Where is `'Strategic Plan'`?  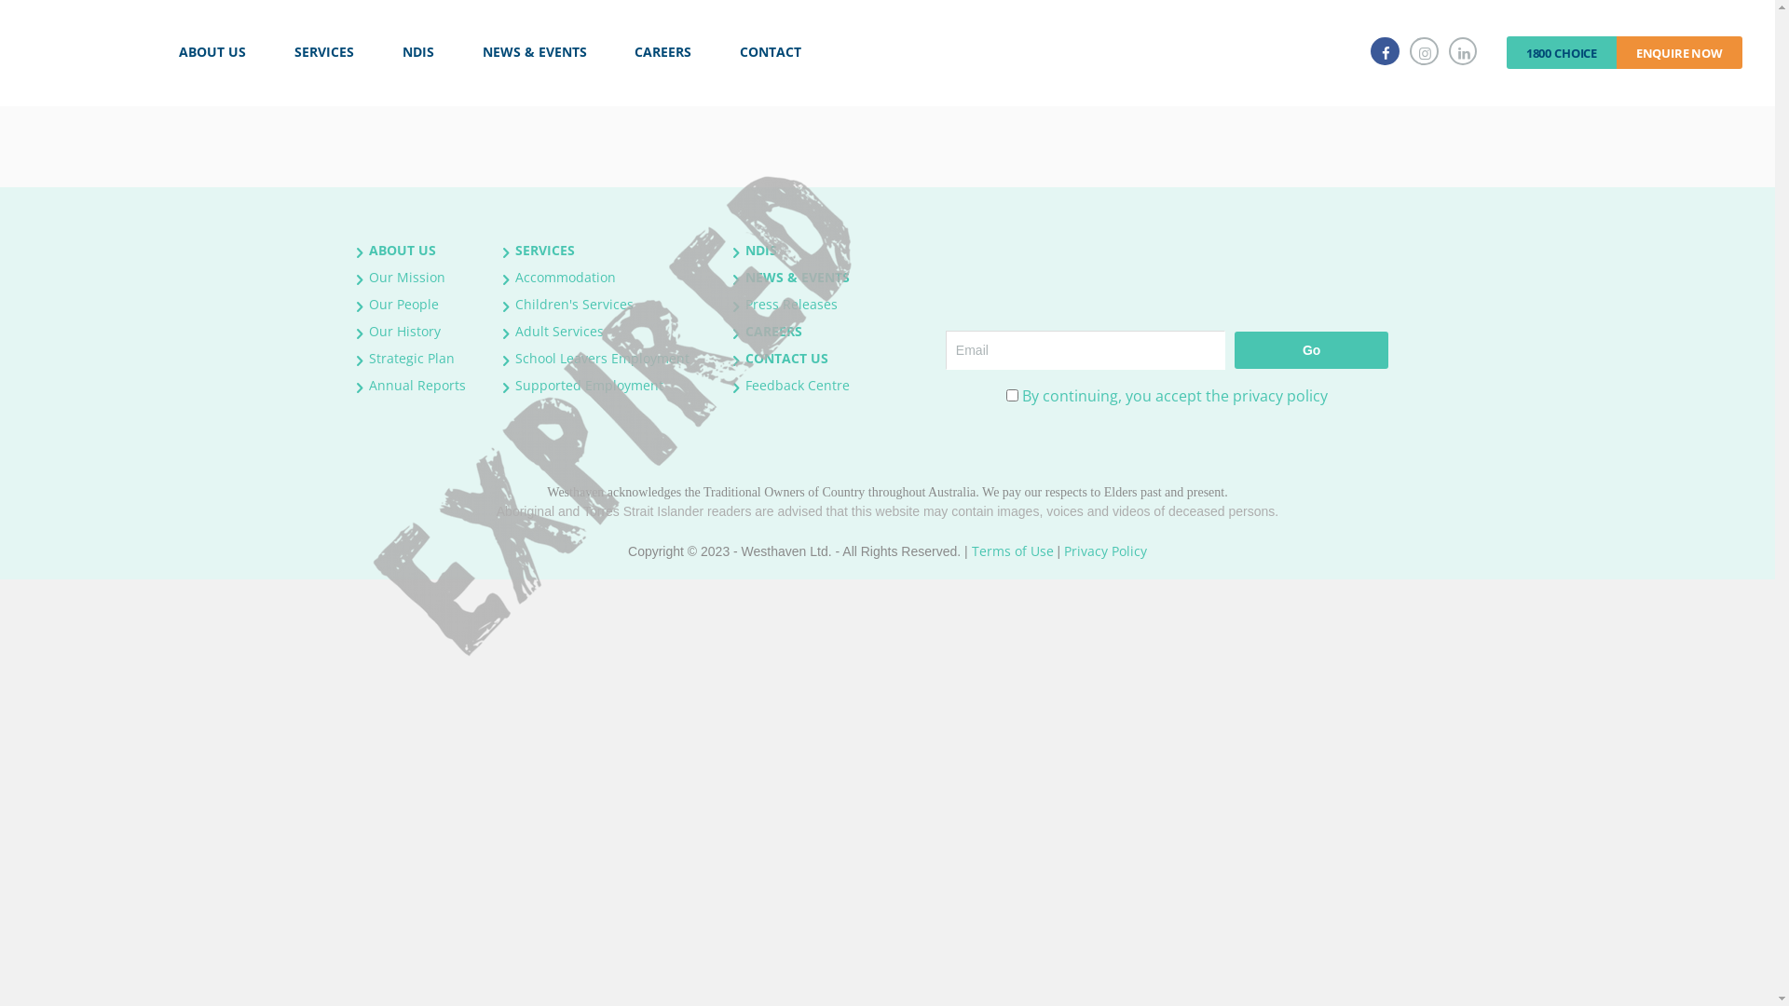 'Strategic Plan' is located at coordinates (410, 358).